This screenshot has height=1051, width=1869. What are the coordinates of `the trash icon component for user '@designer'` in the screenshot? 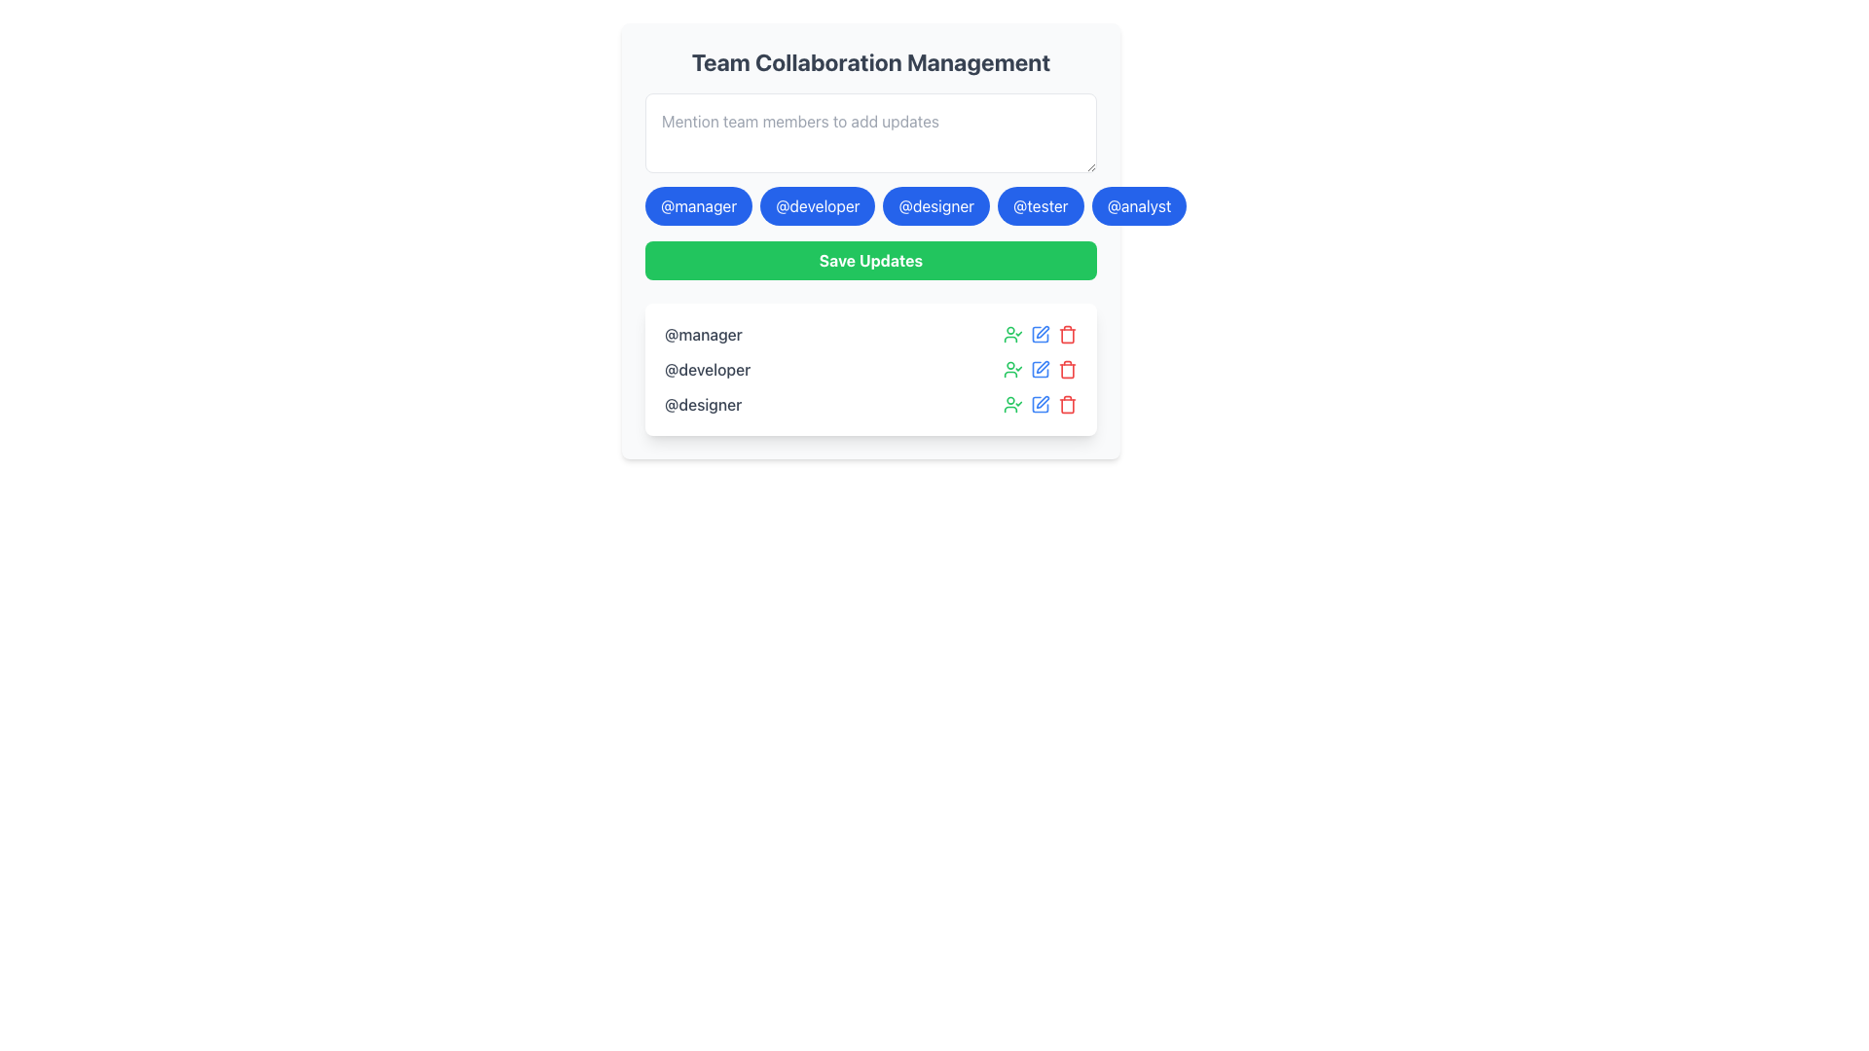 It's located at (1067, 404).